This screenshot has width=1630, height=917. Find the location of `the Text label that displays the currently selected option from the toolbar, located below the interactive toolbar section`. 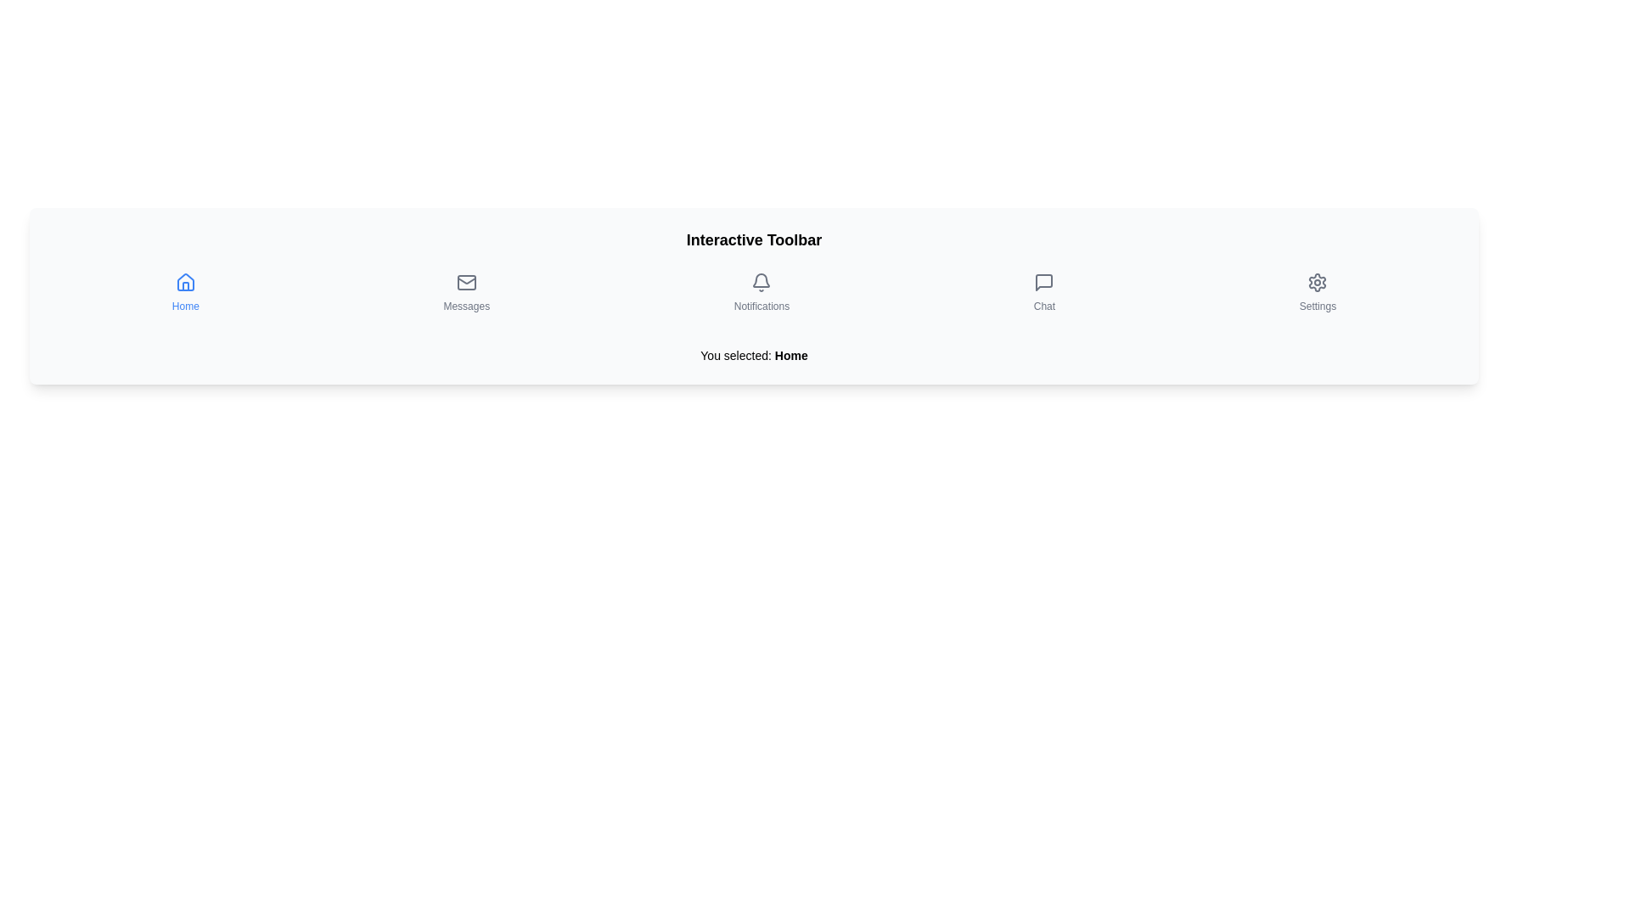

the Text label that displays the currently selected option from the toolbar, located below the interactive toolbar section is located at coordinates (753, 355).